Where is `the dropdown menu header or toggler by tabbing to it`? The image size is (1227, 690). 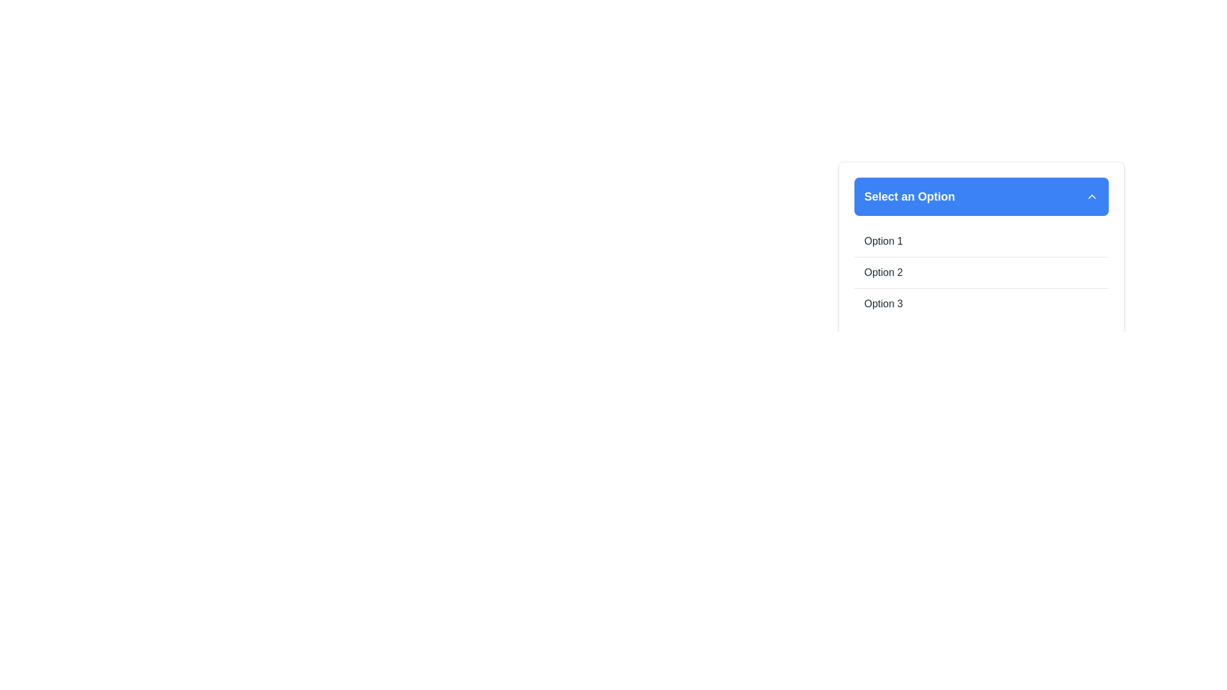
the dropdown menu header or toggler by tabbing to it is located at coordinates (980, 197).